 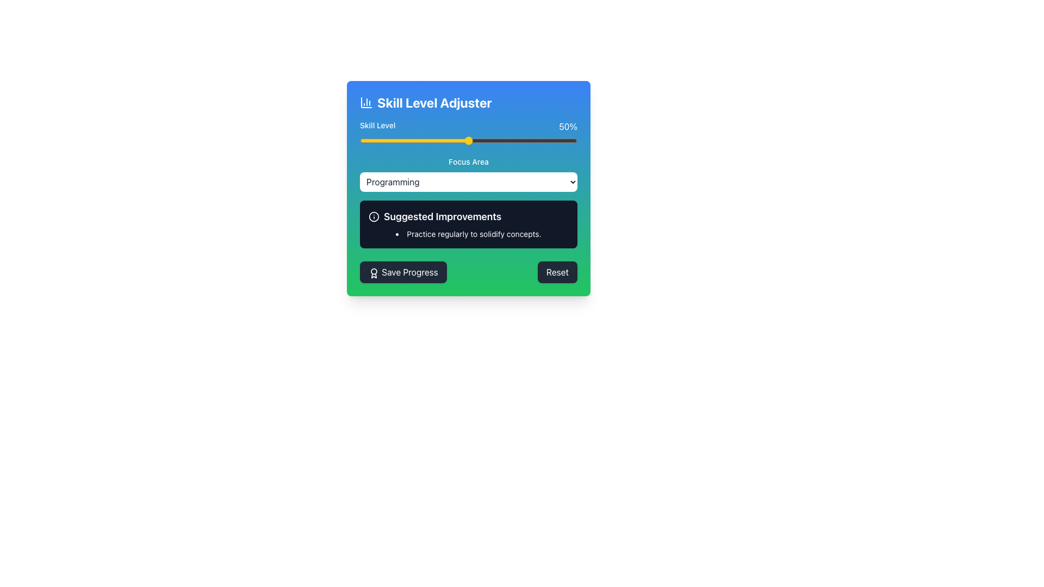 I want to click on the skill level, so click(x=462, y=140).